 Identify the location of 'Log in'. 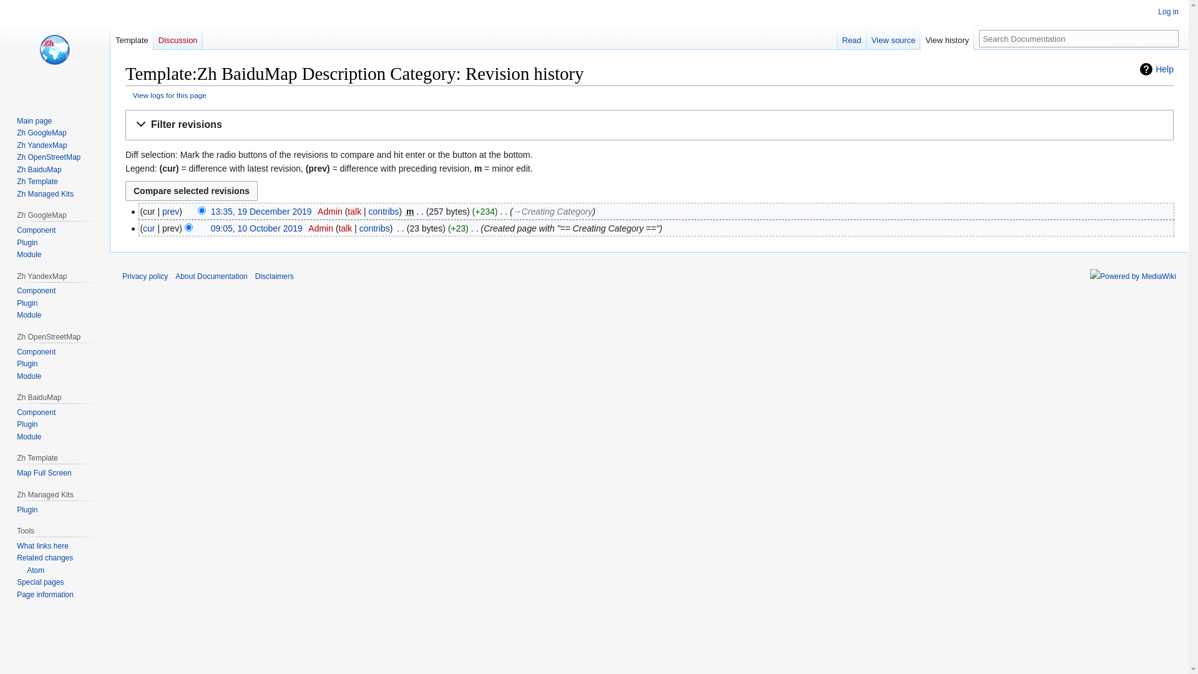
(1157, 12).